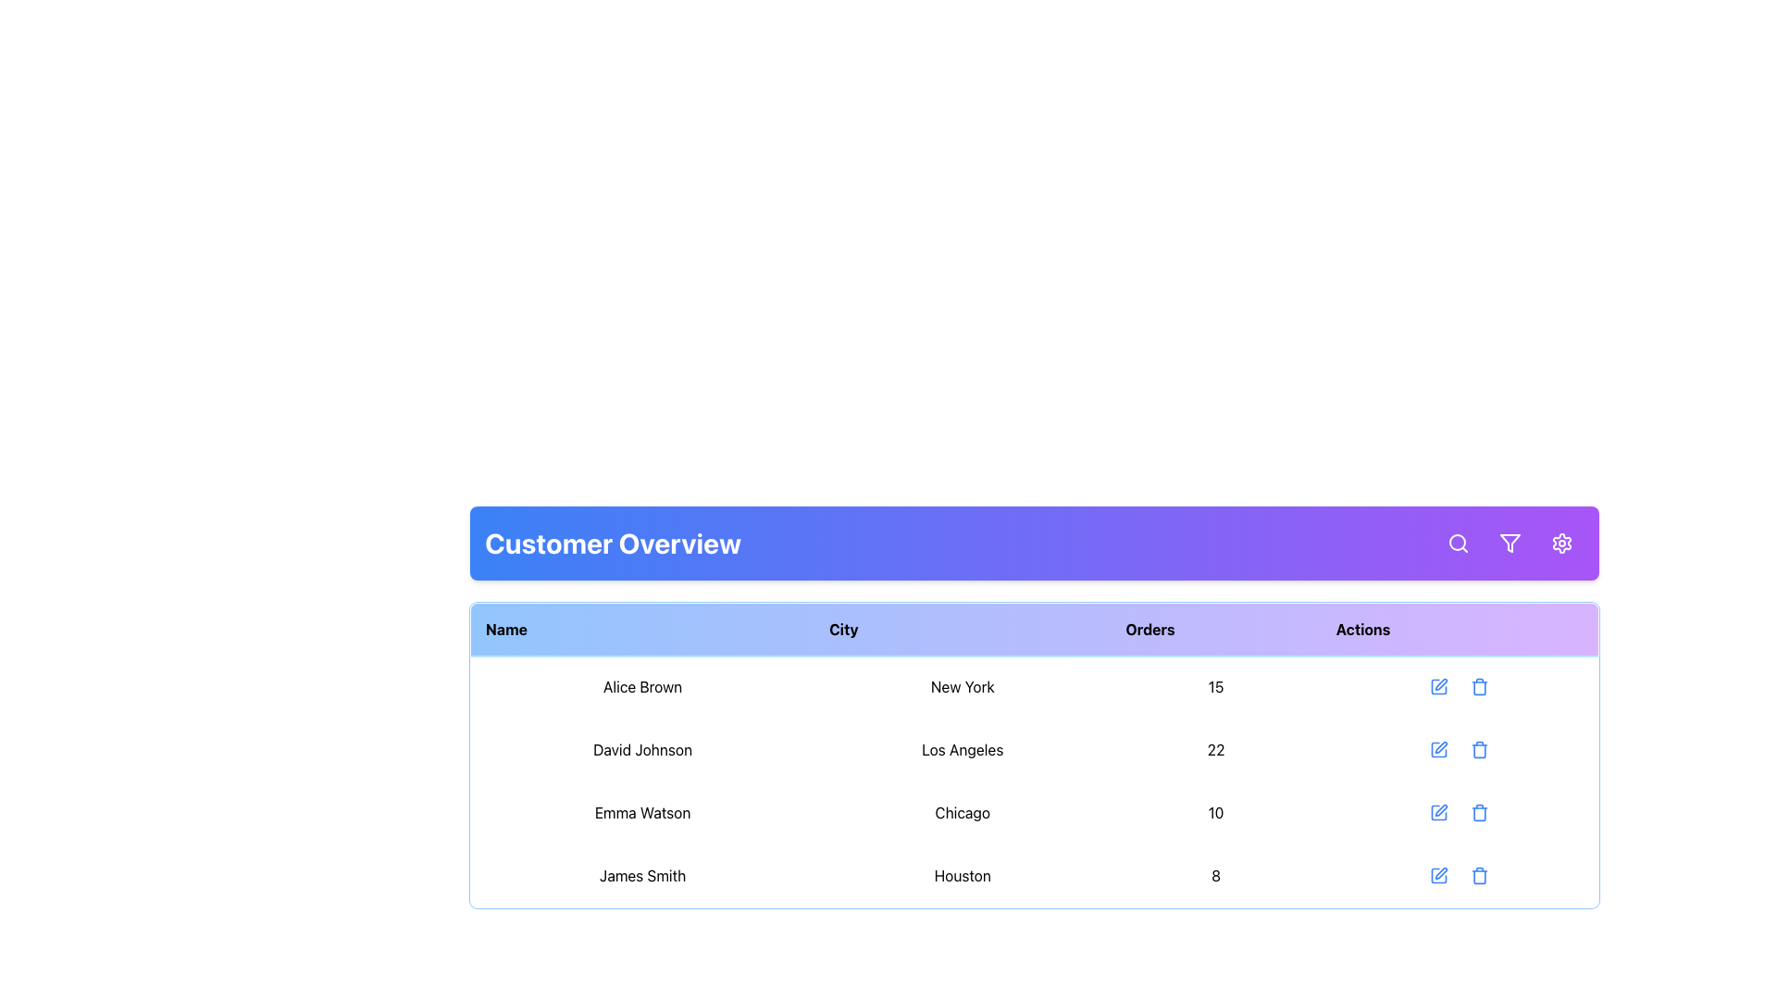 Image resolution: width=1777 pixels, height=1000 pixels. I want to click on the 'Edit' icon button in the 'Actions' column of the third row for 'Emma Watson', so click(1438, 812).